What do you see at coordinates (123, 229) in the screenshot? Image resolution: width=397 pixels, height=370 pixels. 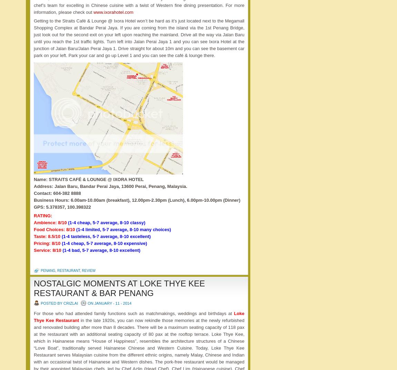 I see `'(1-4 limited, 5-7 average, 8-10 many choices)'` at bounding box center [123, 229].